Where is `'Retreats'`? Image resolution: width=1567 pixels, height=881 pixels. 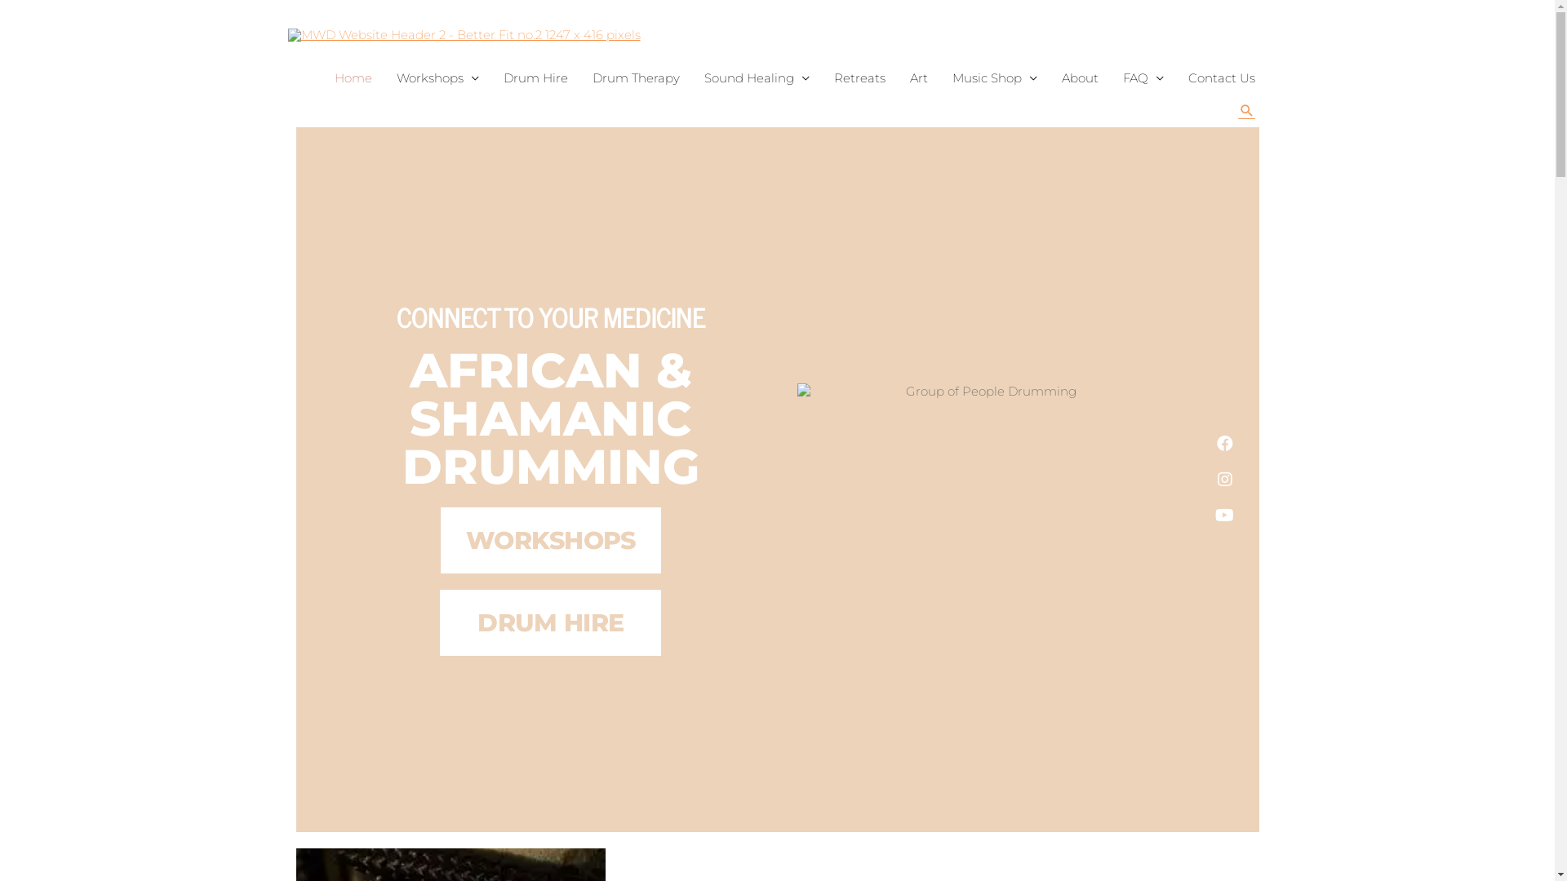
'Retreats' is located at coordinates (858, 78).